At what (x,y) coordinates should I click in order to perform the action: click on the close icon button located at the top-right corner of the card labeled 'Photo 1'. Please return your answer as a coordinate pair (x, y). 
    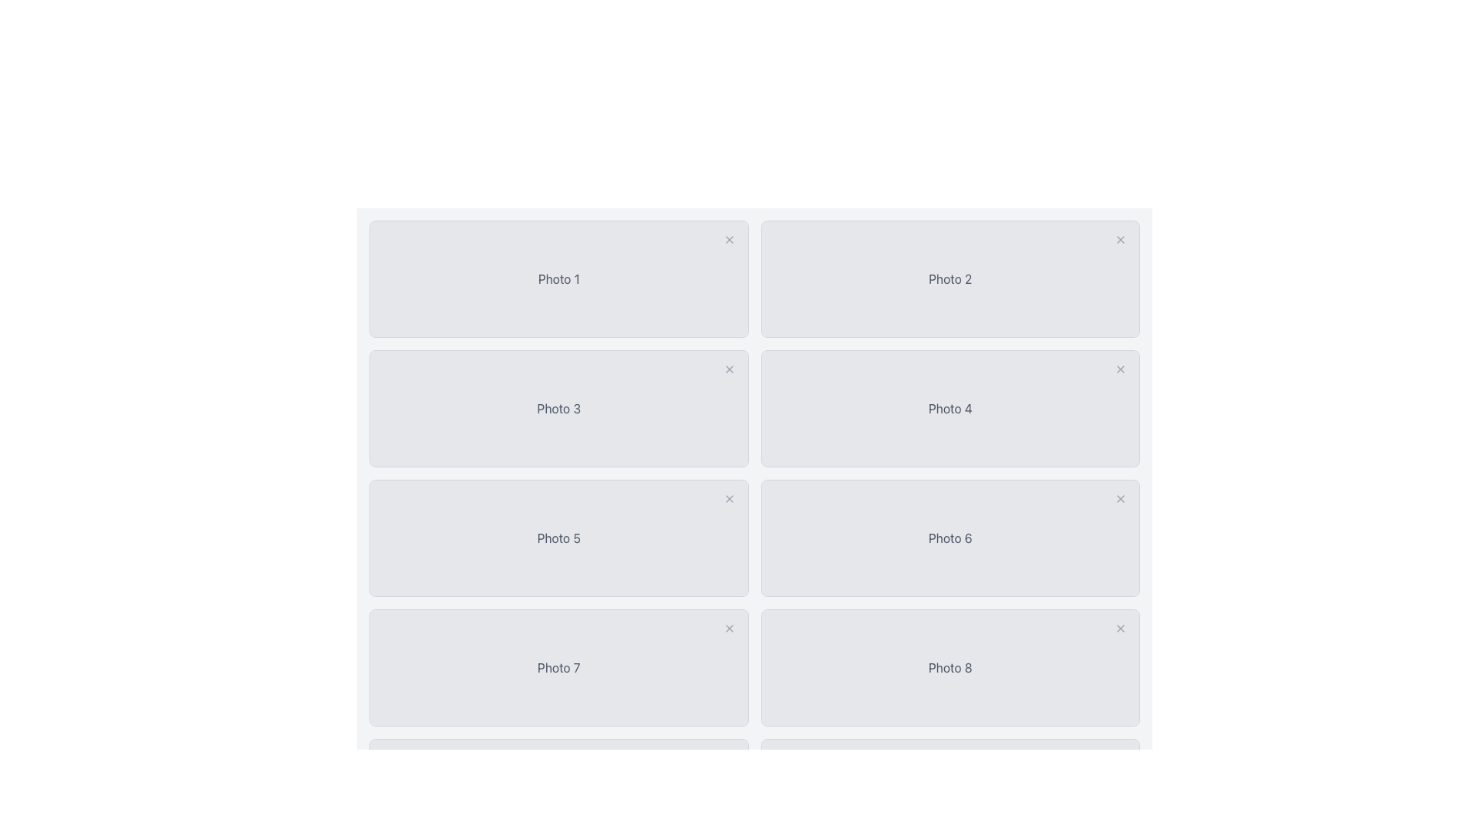
    Looking at the image, I should click on (728, 240).